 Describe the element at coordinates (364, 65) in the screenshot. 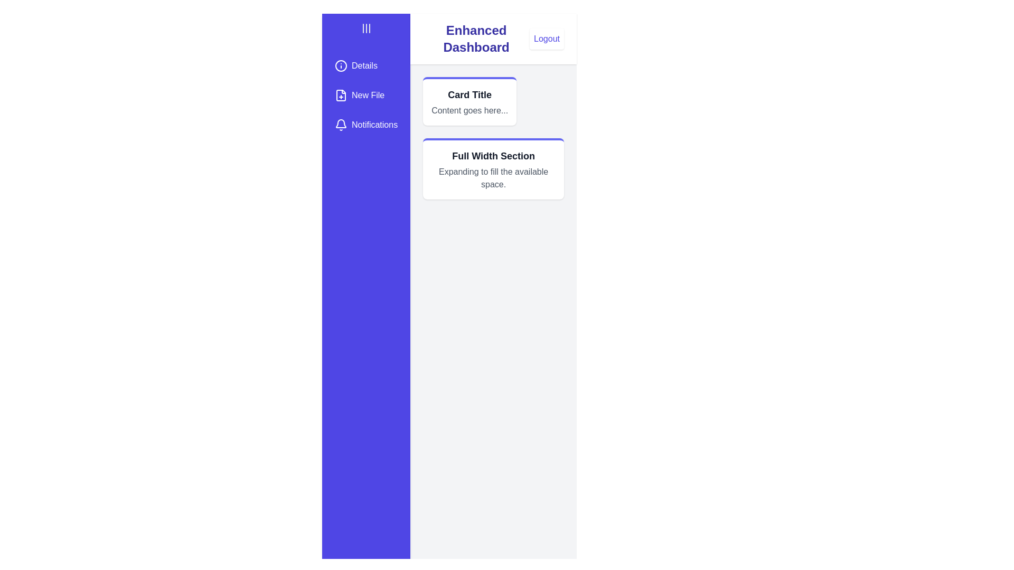

I see `the first text label in the left vertical navigation menu` at that location.